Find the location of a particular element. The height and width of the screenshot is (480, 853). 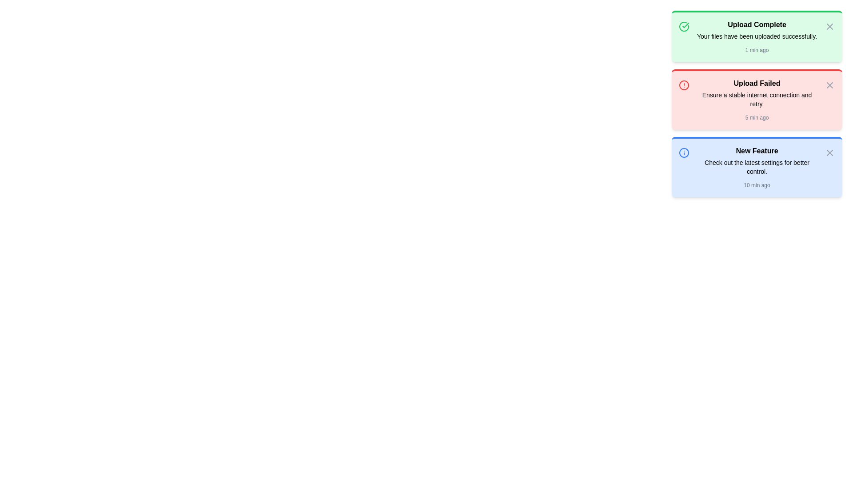

notification message that displays 'Upload Complete' with a light-green background, located in the top-left corner of the notification stack is located at coordinates (757, 37).